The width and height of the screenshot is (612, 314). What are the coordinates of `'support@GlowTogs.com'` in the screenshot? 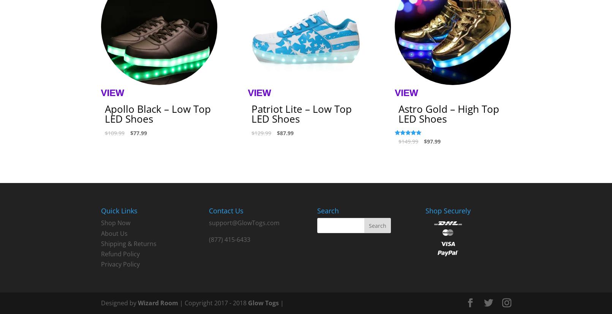 It's located at (244, 223).